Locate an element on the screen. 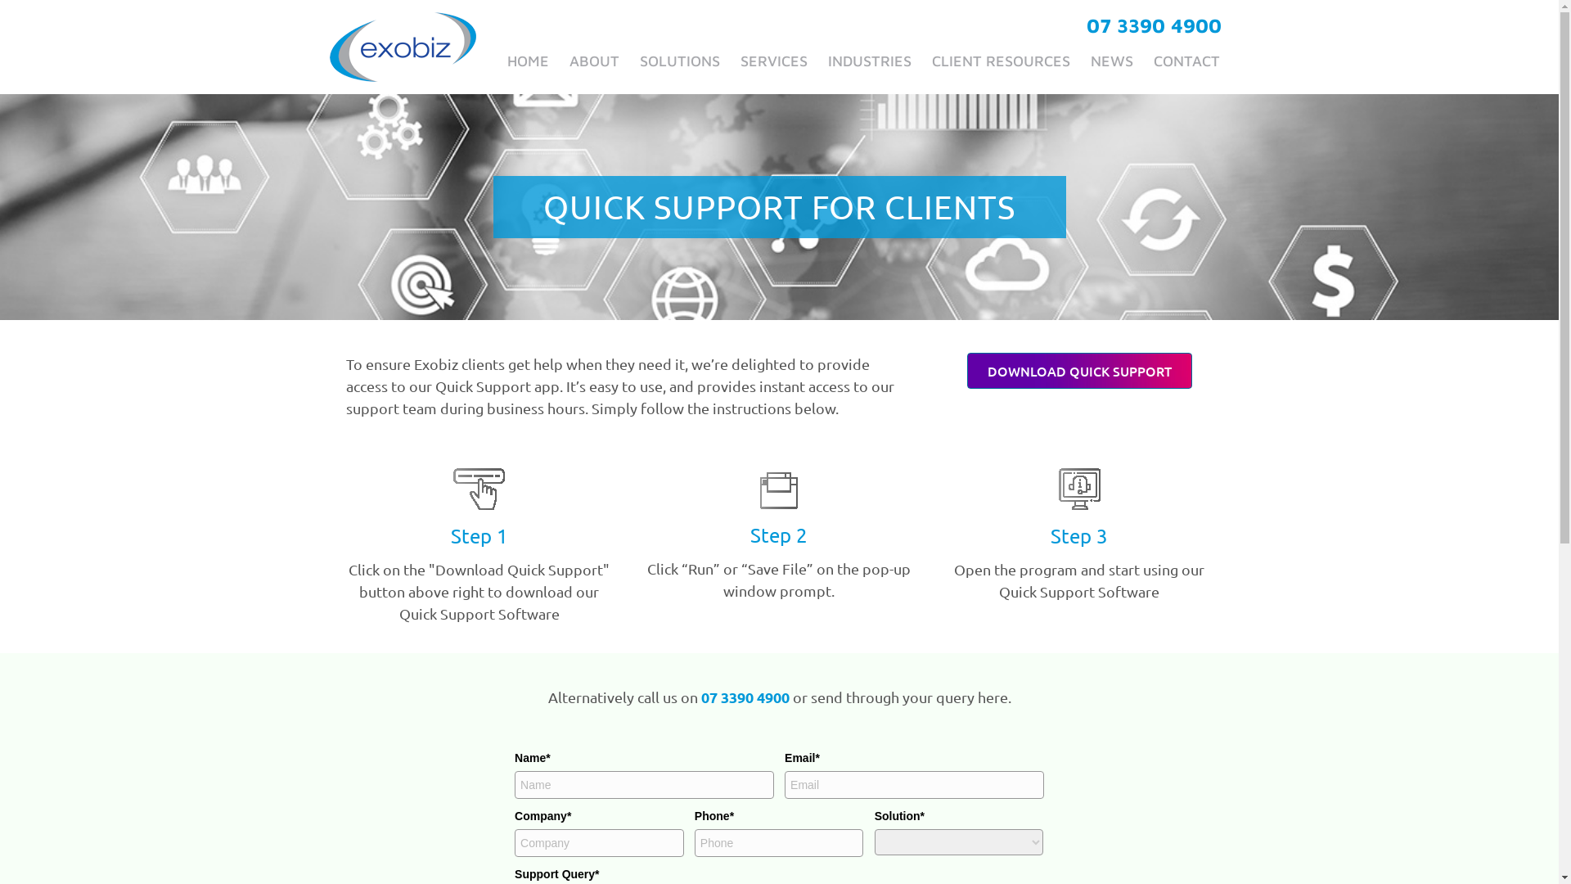 The image size is (1571, 884). 'ABOUT' is located at coordinates (593, 60).